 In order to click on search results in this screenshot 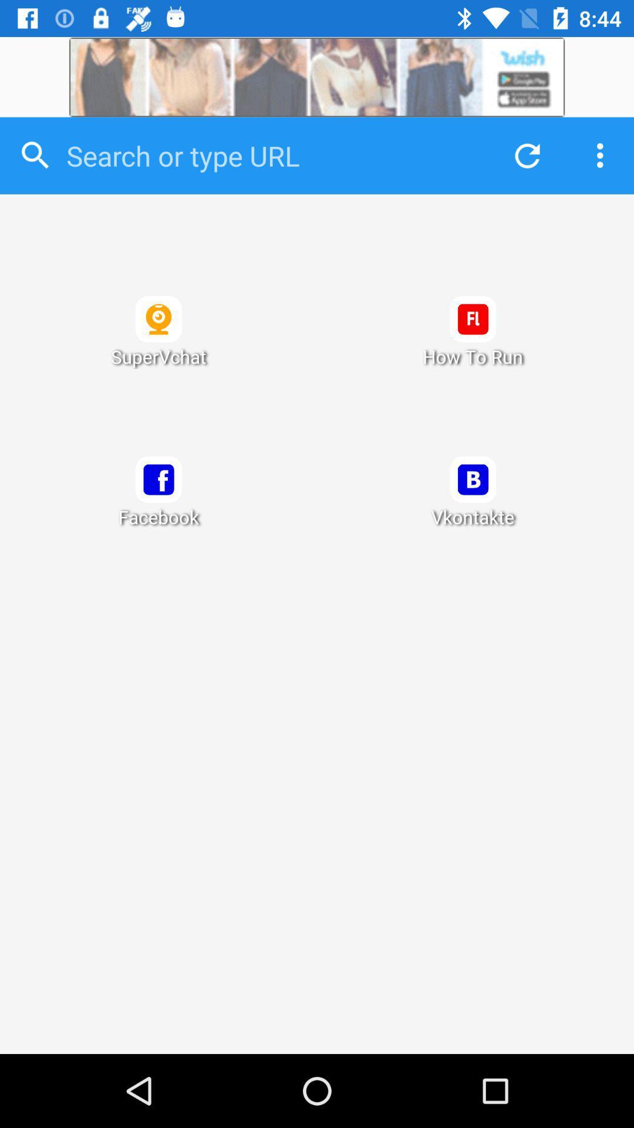, I will do `click(317, 623)`.